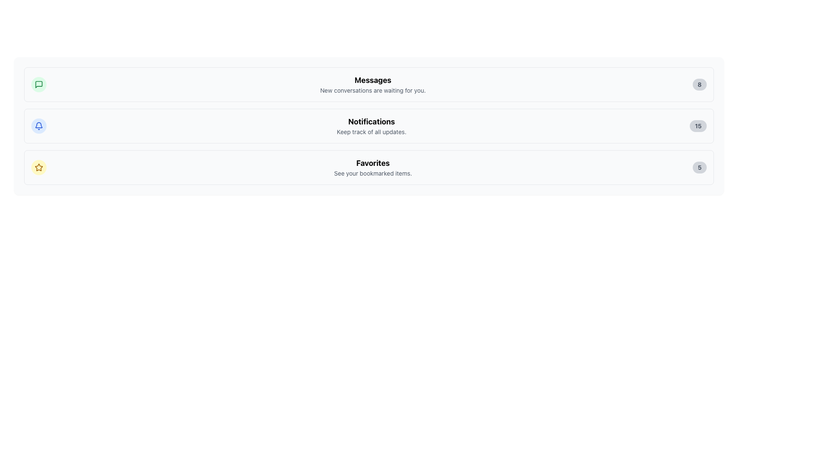  What do you see at coordinates (371, 126) in the screenshot?
I see `central text label that describes the notification section about tracking updates, located between the 'Messages' and 'Favorites' rows` at bounding box center [371, 126].